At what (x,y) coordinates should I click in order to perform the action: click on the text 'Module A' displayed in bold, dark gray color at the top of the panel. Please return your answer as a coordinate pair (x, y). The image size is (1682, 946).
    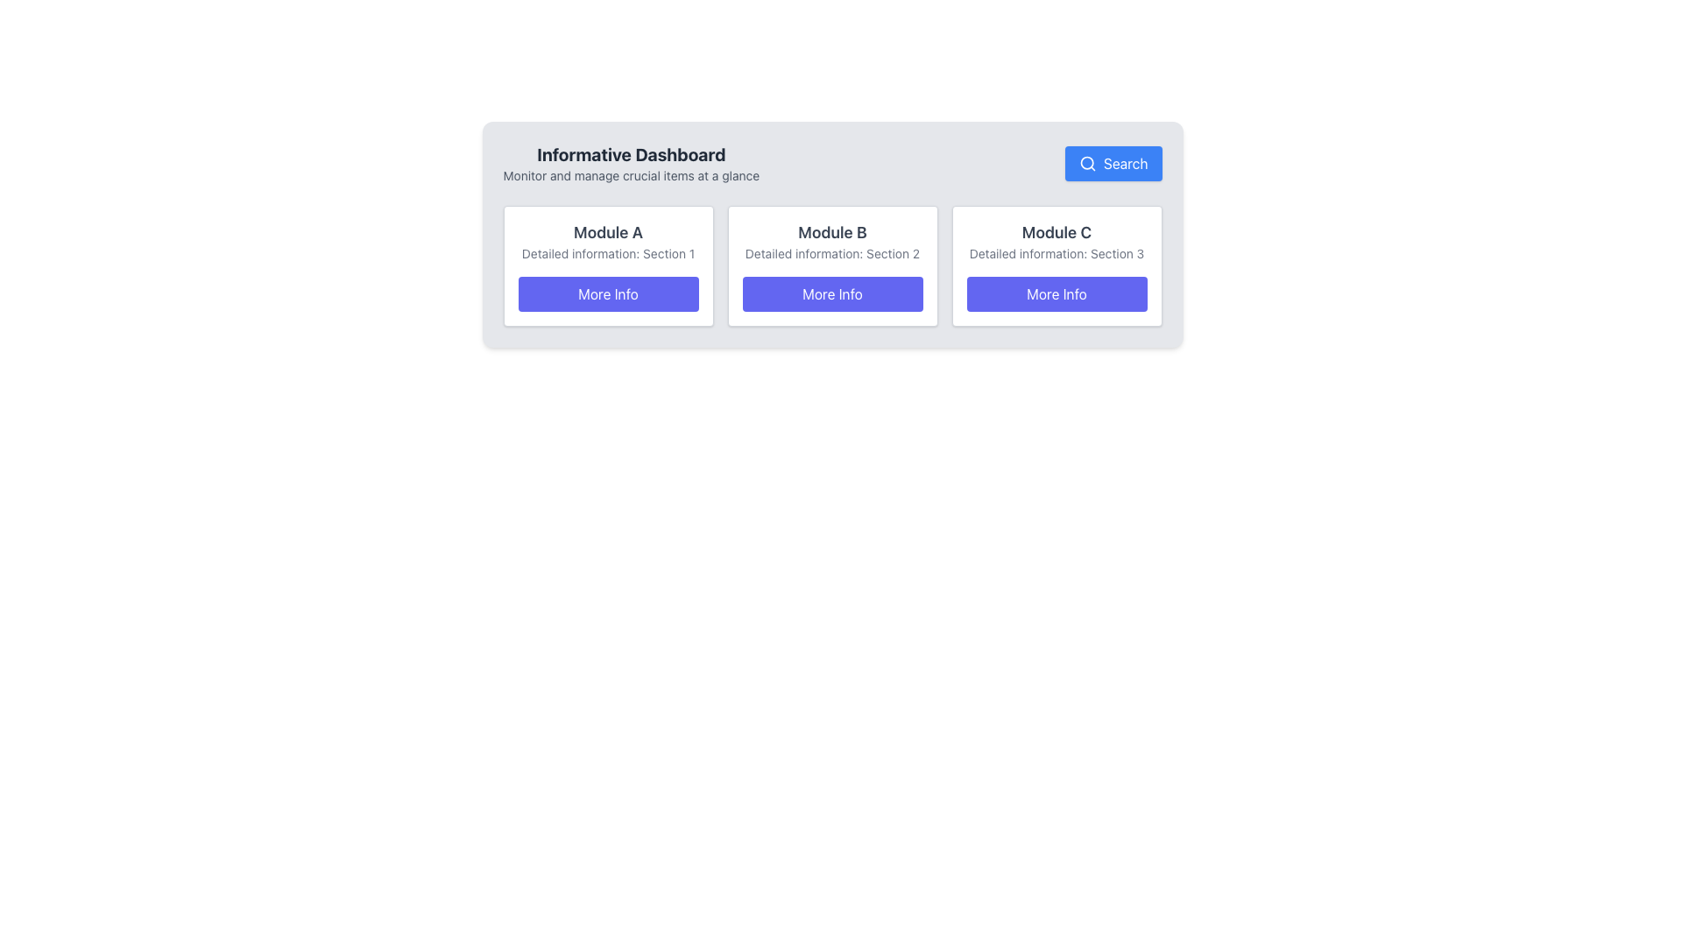
    Looking at the image, I should click on (608, 232).